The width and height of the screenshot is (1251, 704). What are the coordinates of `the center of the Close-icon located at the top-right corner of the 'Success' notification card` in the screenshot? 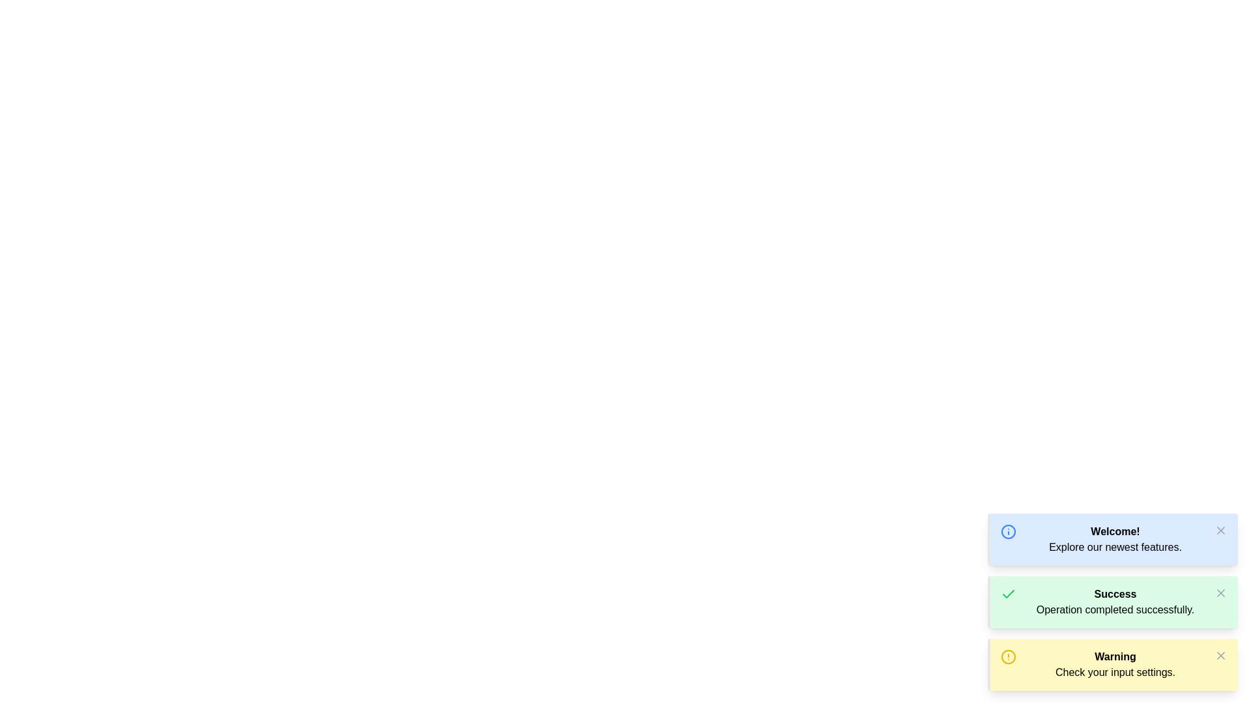 It's located at (1220, 593).